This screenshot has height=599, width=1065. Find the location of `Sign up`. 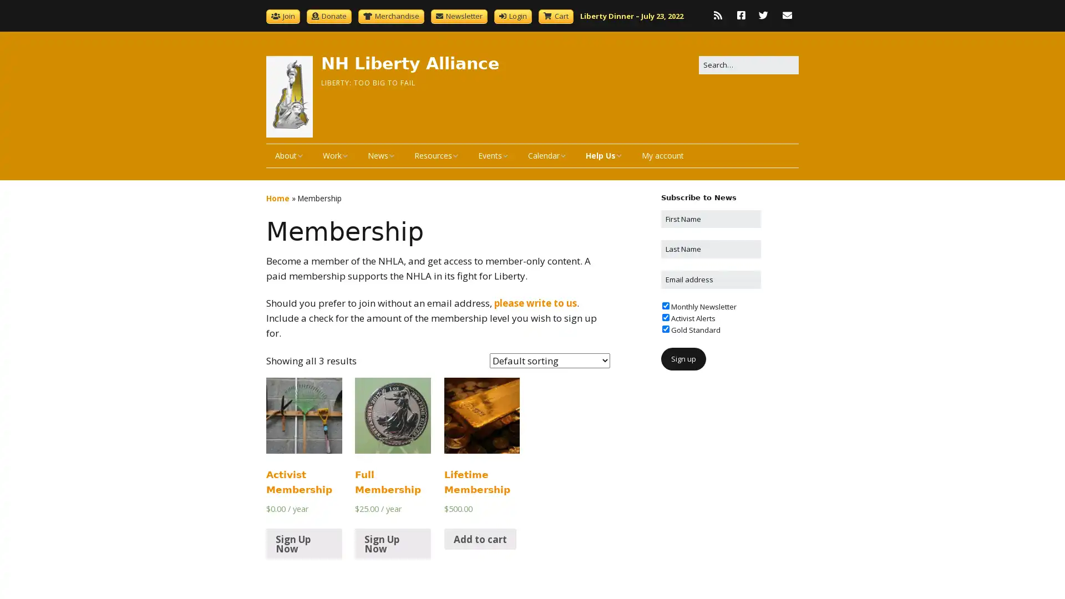

Sign up is located at coordinates (683, 359).